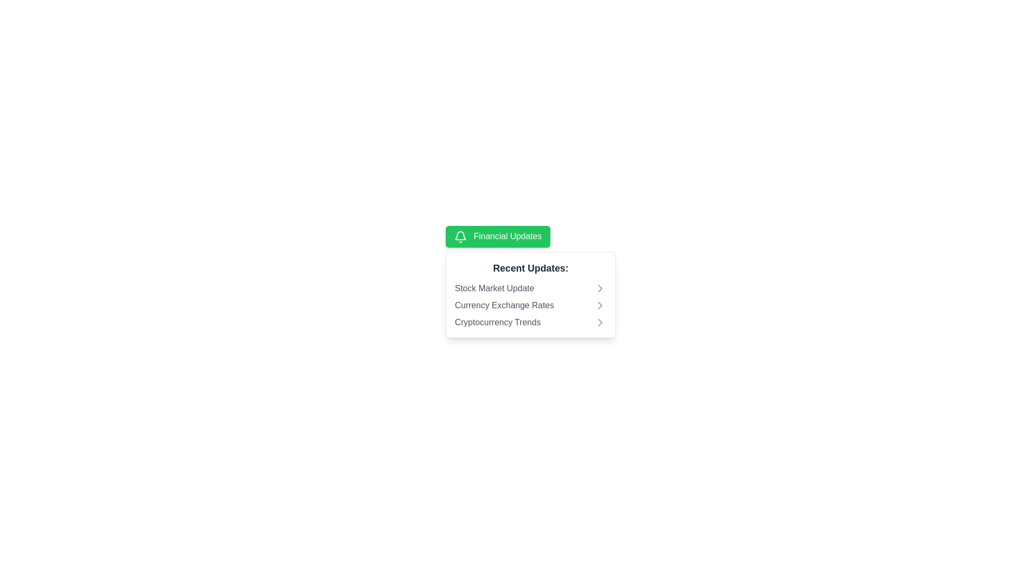 The height and width of the screenshot is (574, 1020). I want to click on the second row item under the header 'Recent Updates:', so click(530, 305).